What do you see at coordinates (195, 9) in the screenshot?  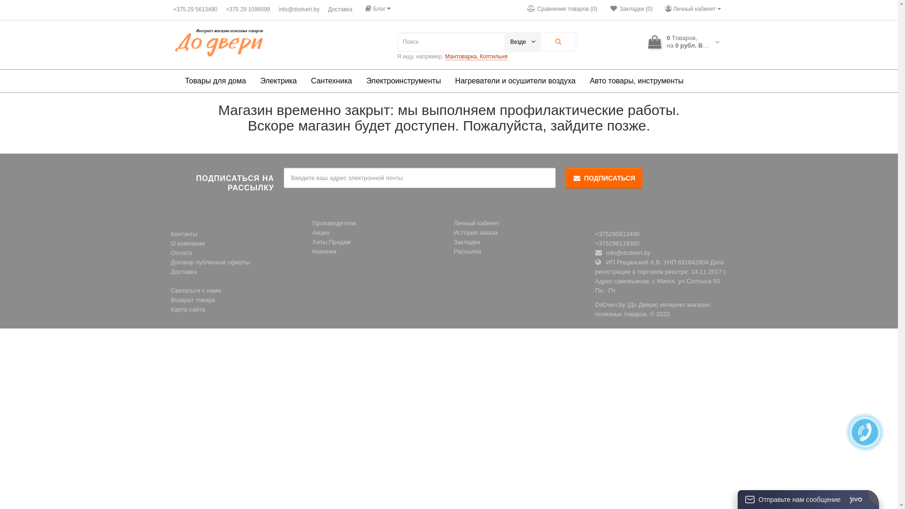 I see `'+375 29 5613490'` at bounding box center [195, 9].